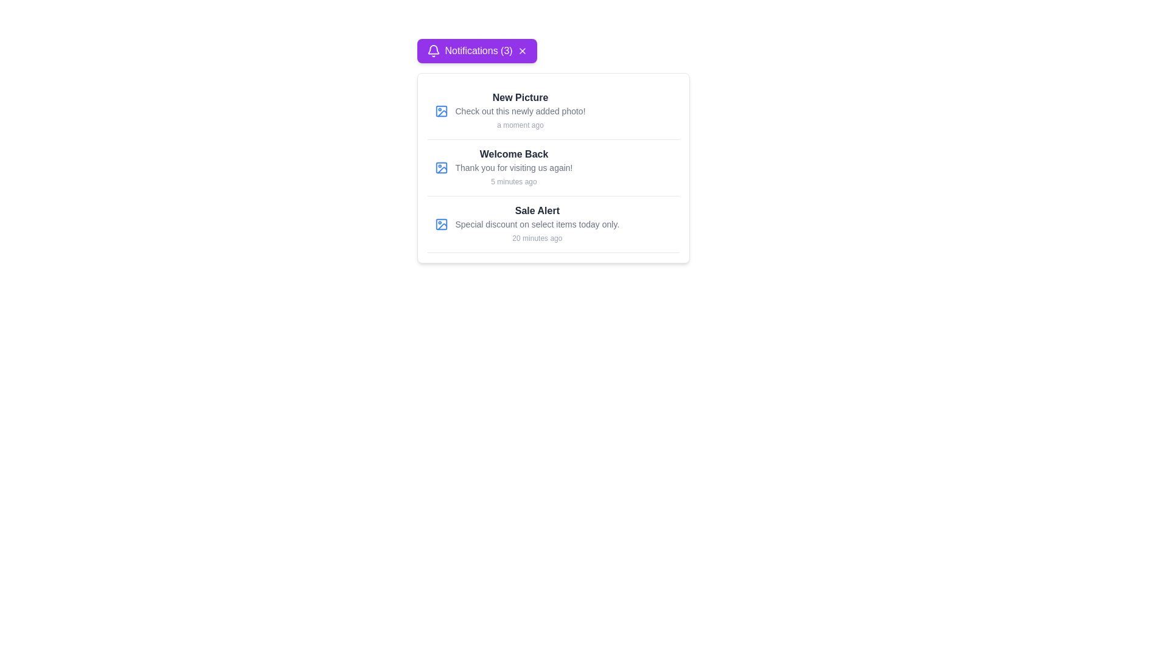  Describe the element at coordinates (537, 238) in the screenshot. I see `the static text element that reads '20 minutes ago', which is located under the 'Sale Alert' title in the notification card` at that location.